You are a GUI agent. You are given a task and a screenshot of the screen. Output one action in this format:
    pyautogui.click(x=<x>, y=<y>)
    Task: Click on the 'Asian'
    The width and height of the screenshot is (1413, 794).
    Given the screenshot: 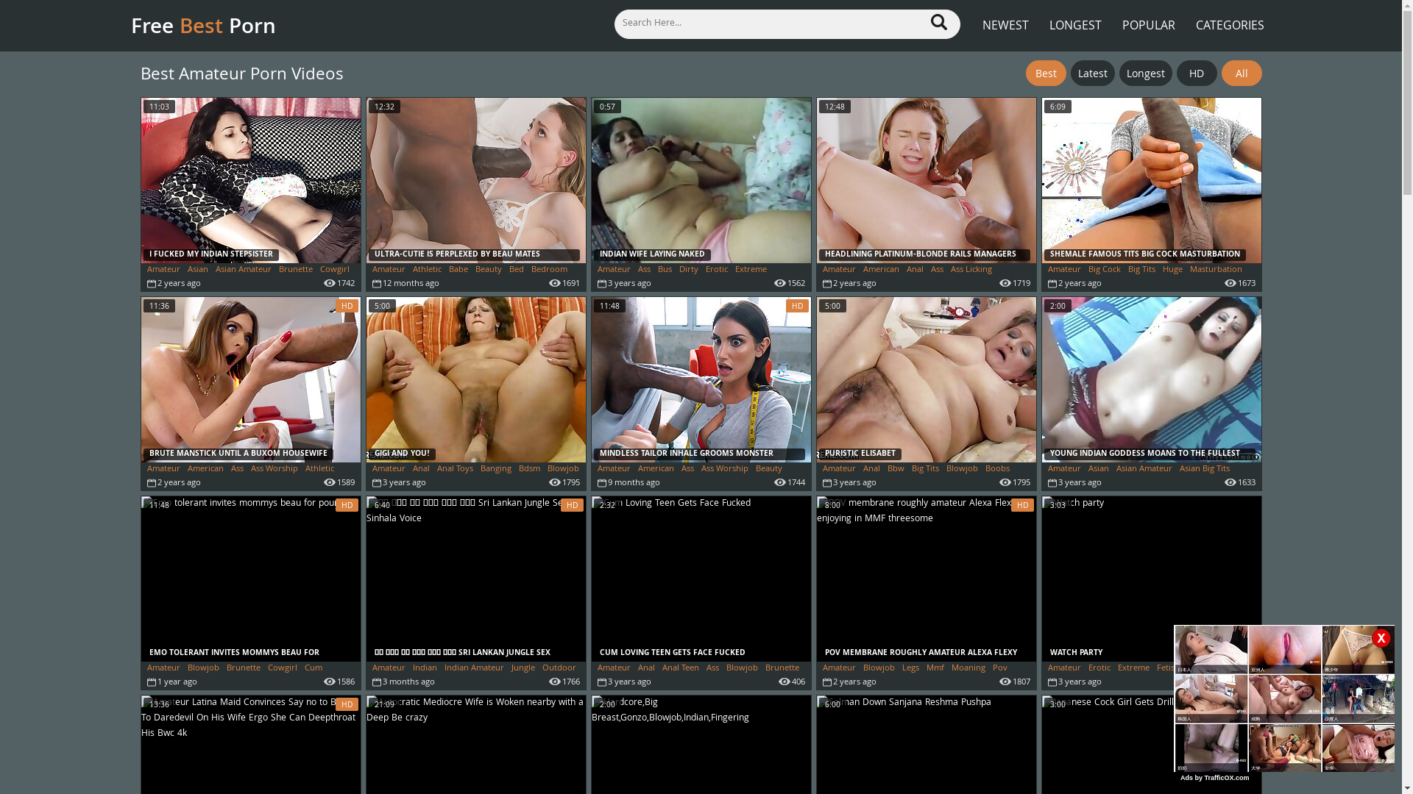 What is the action you would take?
    pyautogui.click(x=1098, y=469)
    